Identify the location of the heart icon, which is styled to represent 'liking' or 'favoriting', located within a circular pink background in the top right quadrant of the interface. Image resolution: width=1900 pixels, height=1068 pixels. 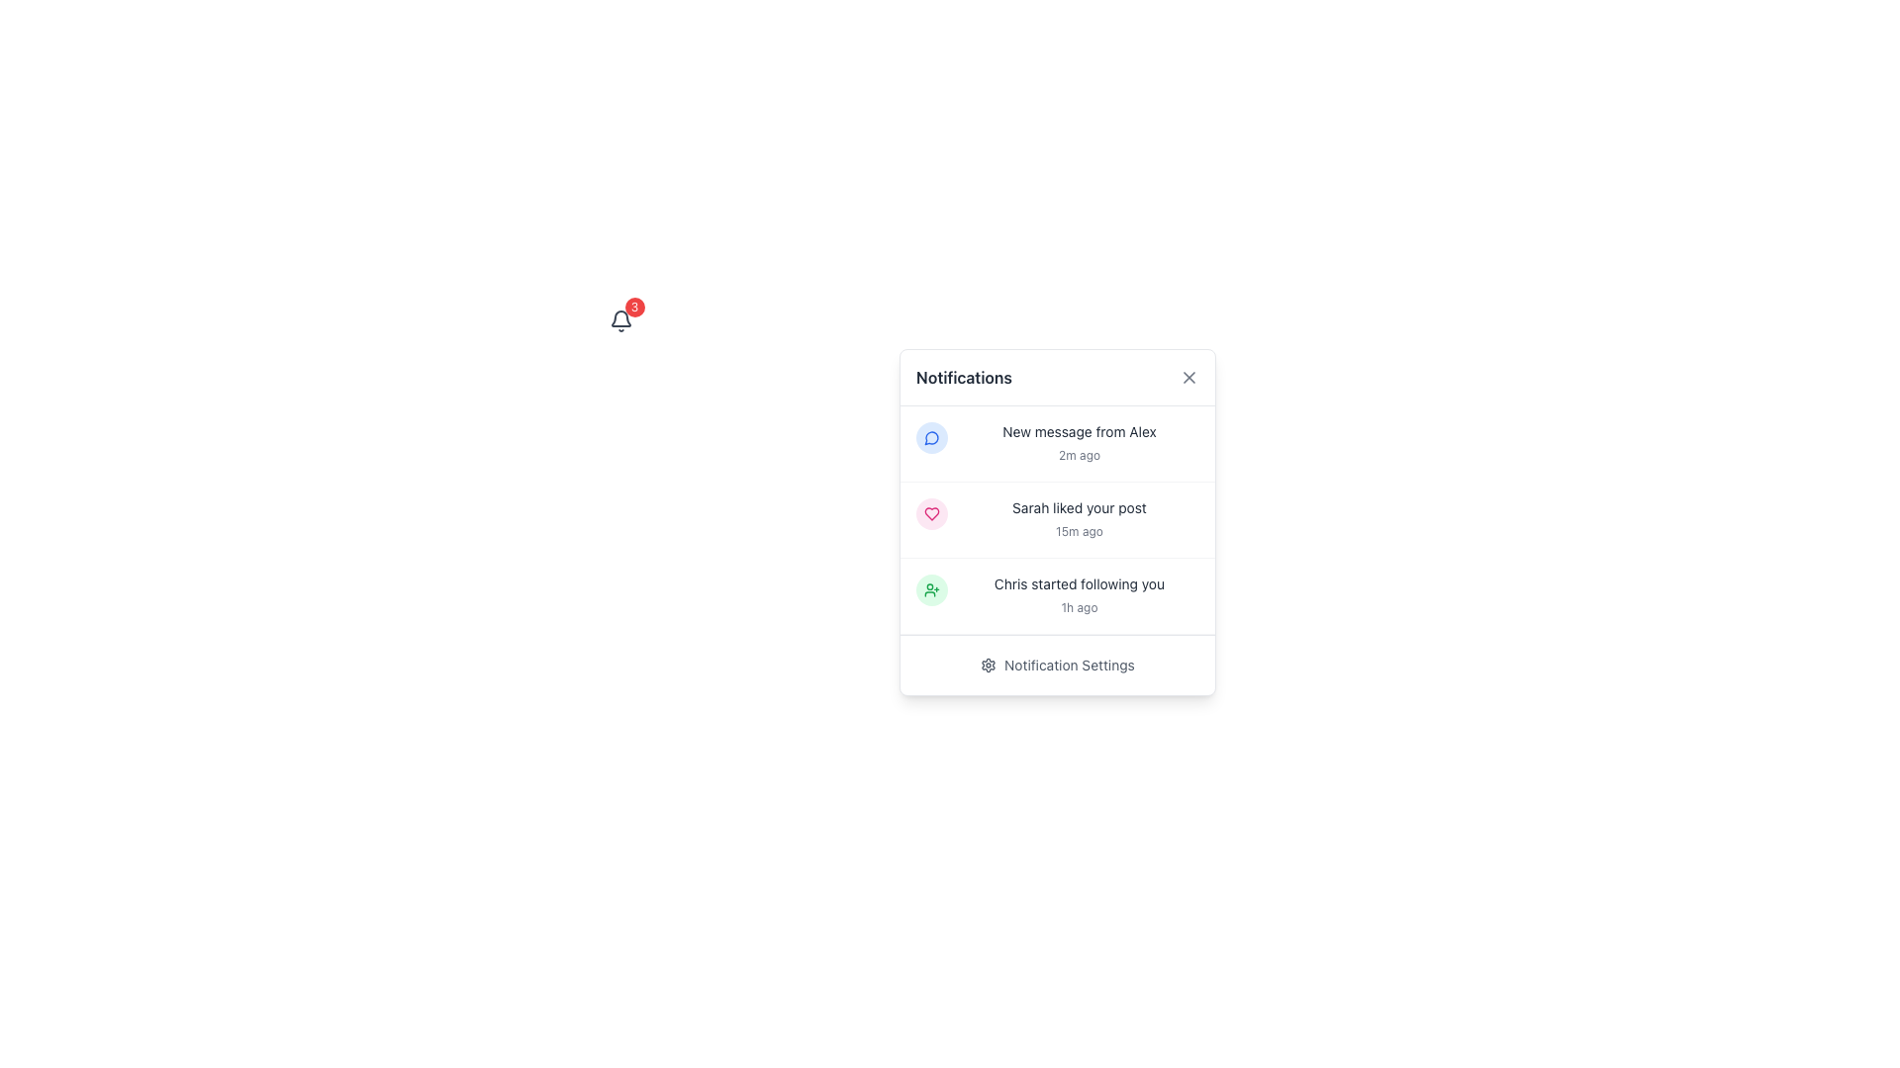
(930, 513).